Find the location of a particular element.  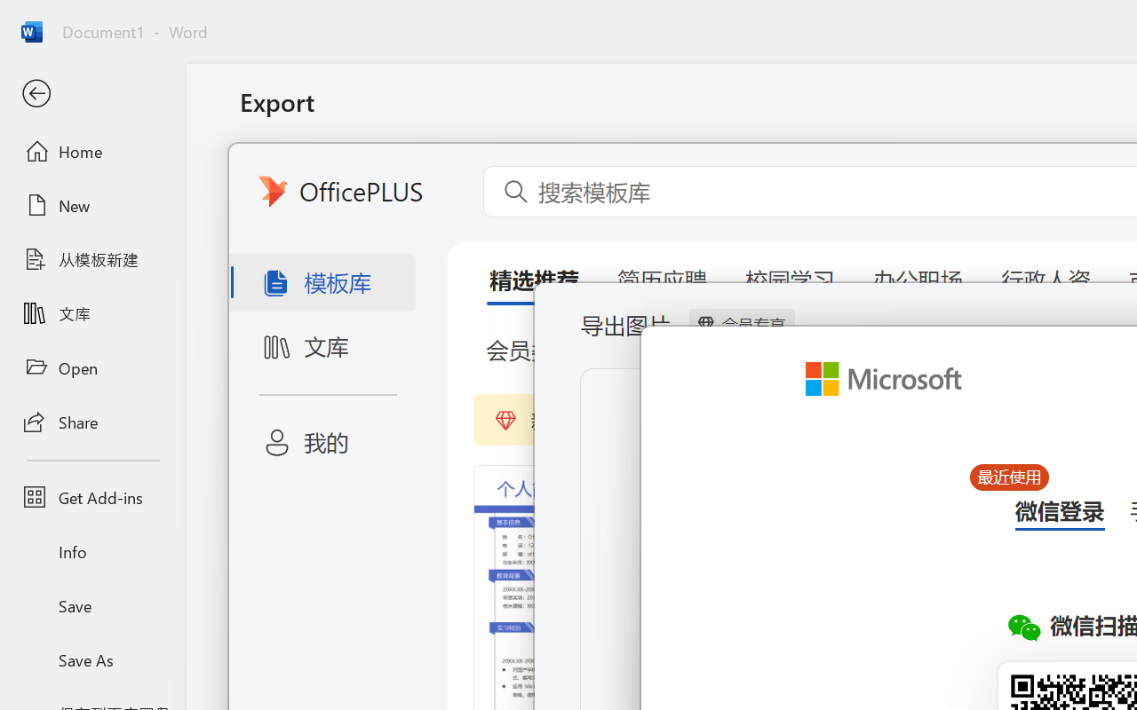

'Get Add-ins' is located at coordinates (91, 497).